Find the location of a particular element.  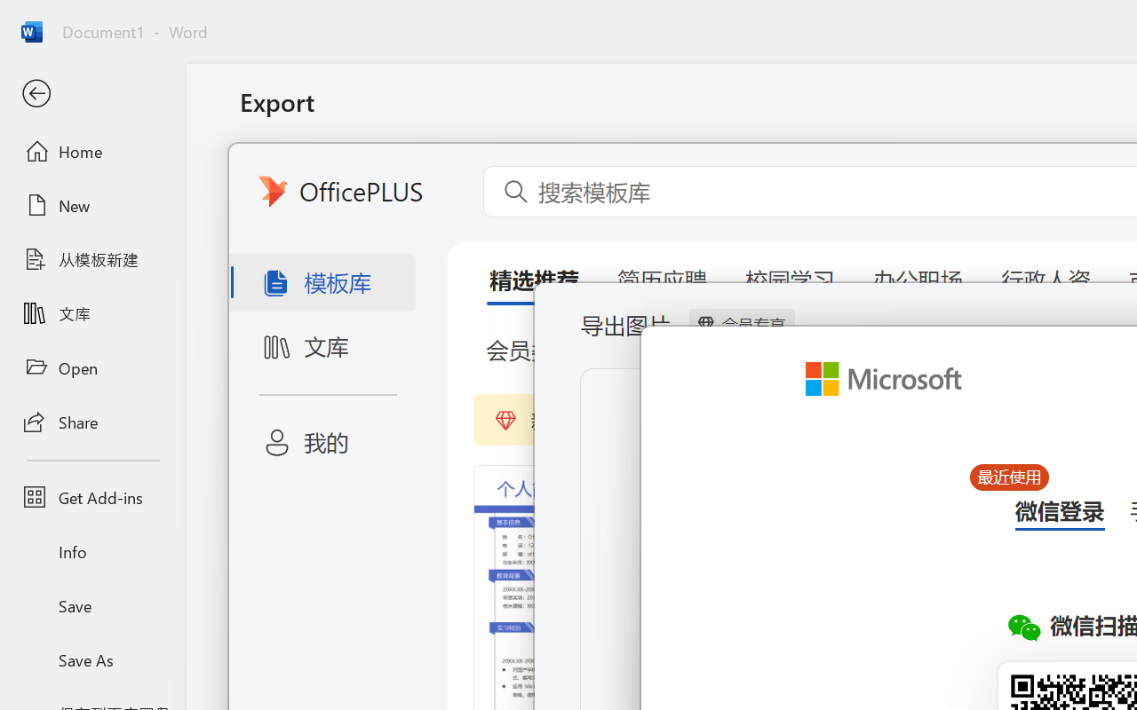

'Get Add-ins' is located at coordinates (91, 497).